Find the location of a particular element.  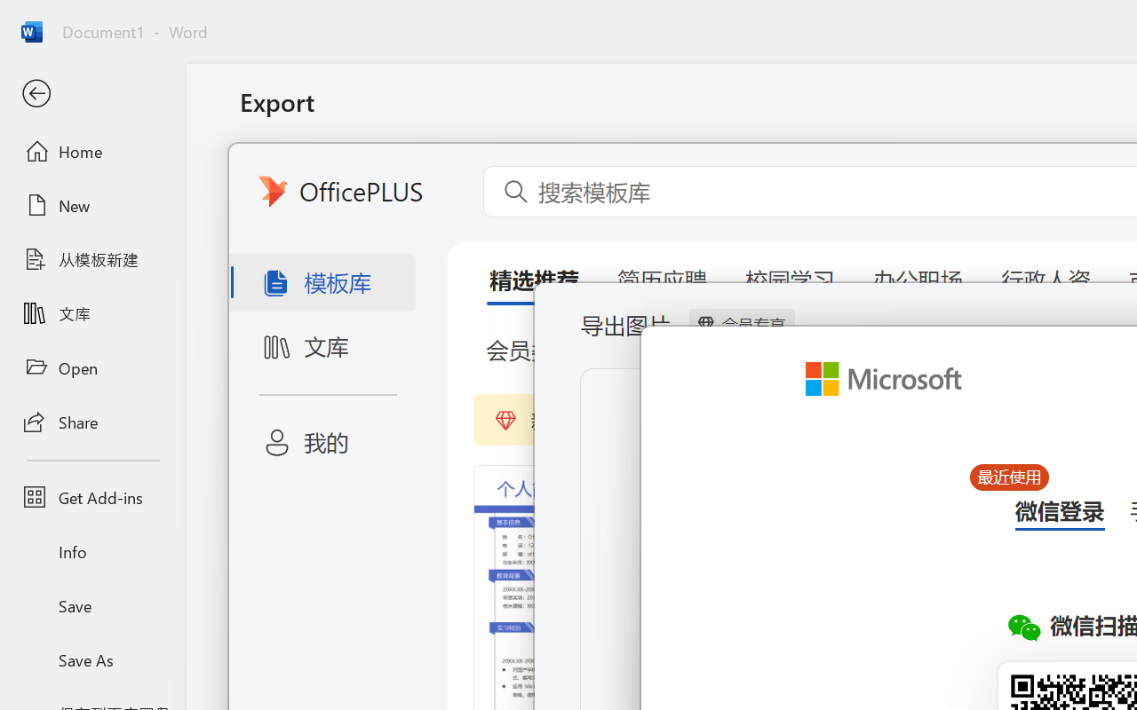

'Get Add-ins' is located at coordinates (91, 497).